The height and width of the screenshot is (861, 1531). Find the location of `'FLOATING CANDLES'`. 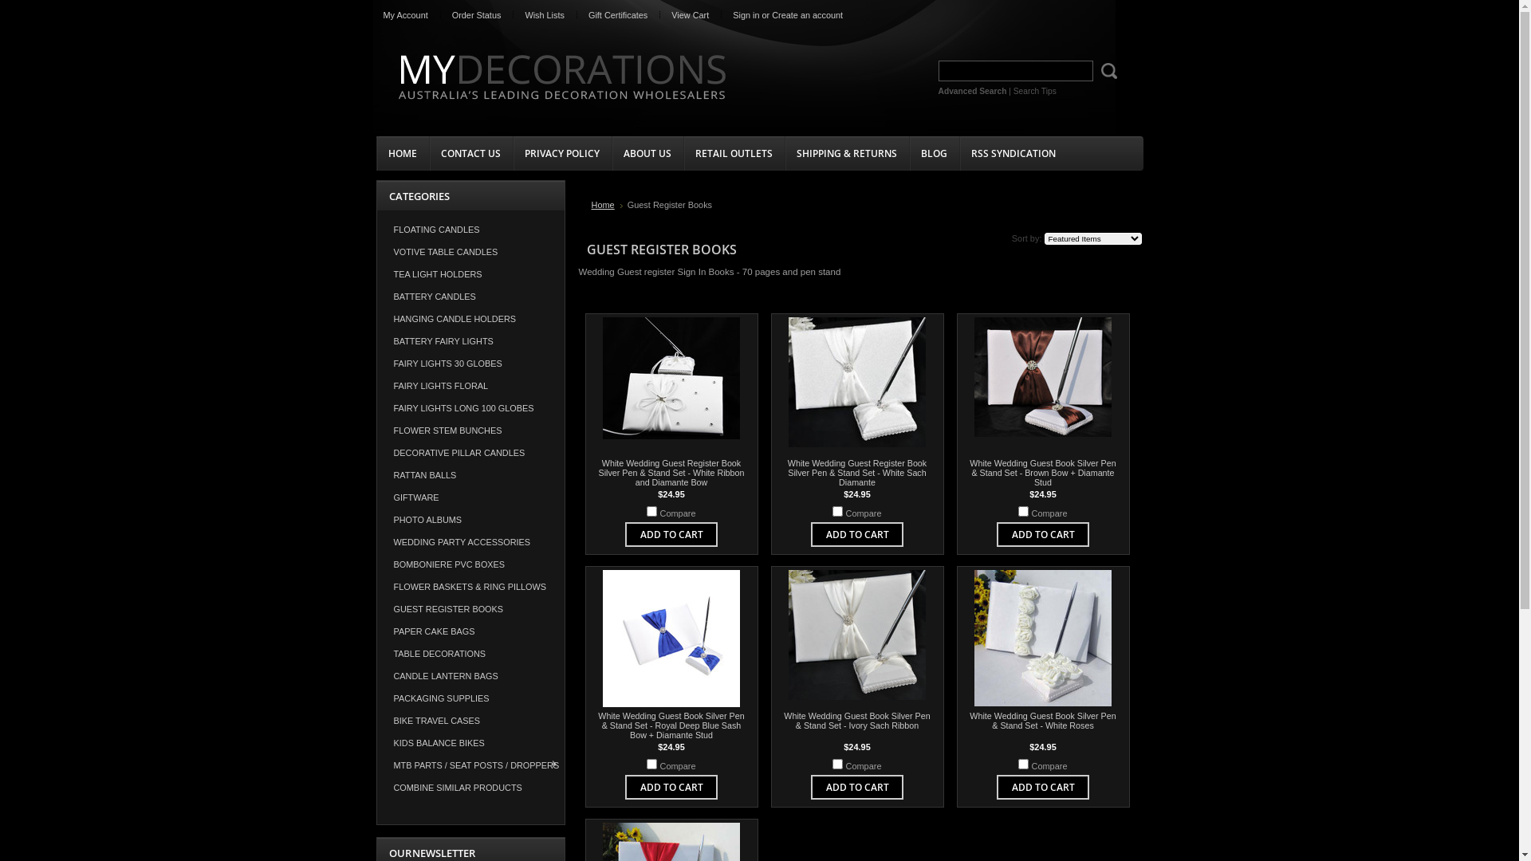

'FLOATING CANDLES' is located at coordinates (375, 230).